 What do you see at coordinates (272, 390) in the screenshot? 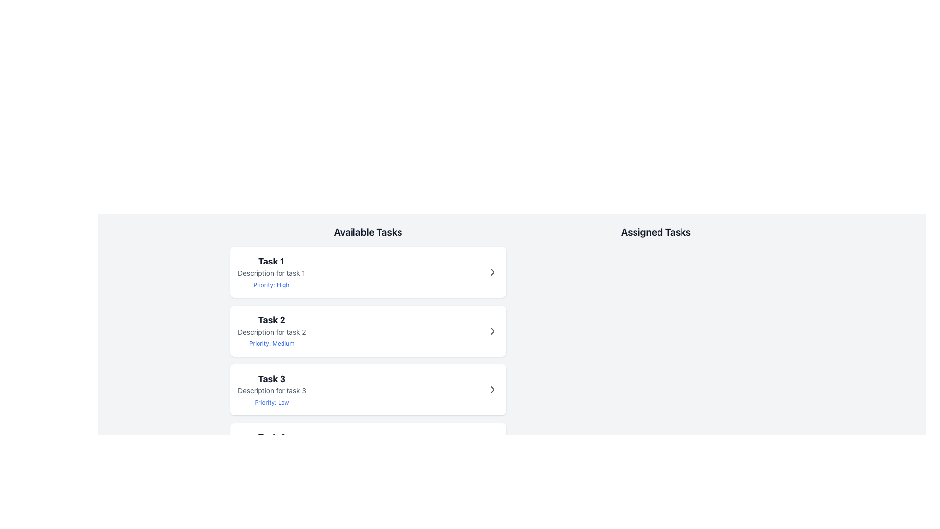
I see `the text label displaying the description for 'Task 3', which is located below the heading 'Task 3' and above 'Priority: Low' in the 'Available Tasks' section` at bounding box center [272, 390].